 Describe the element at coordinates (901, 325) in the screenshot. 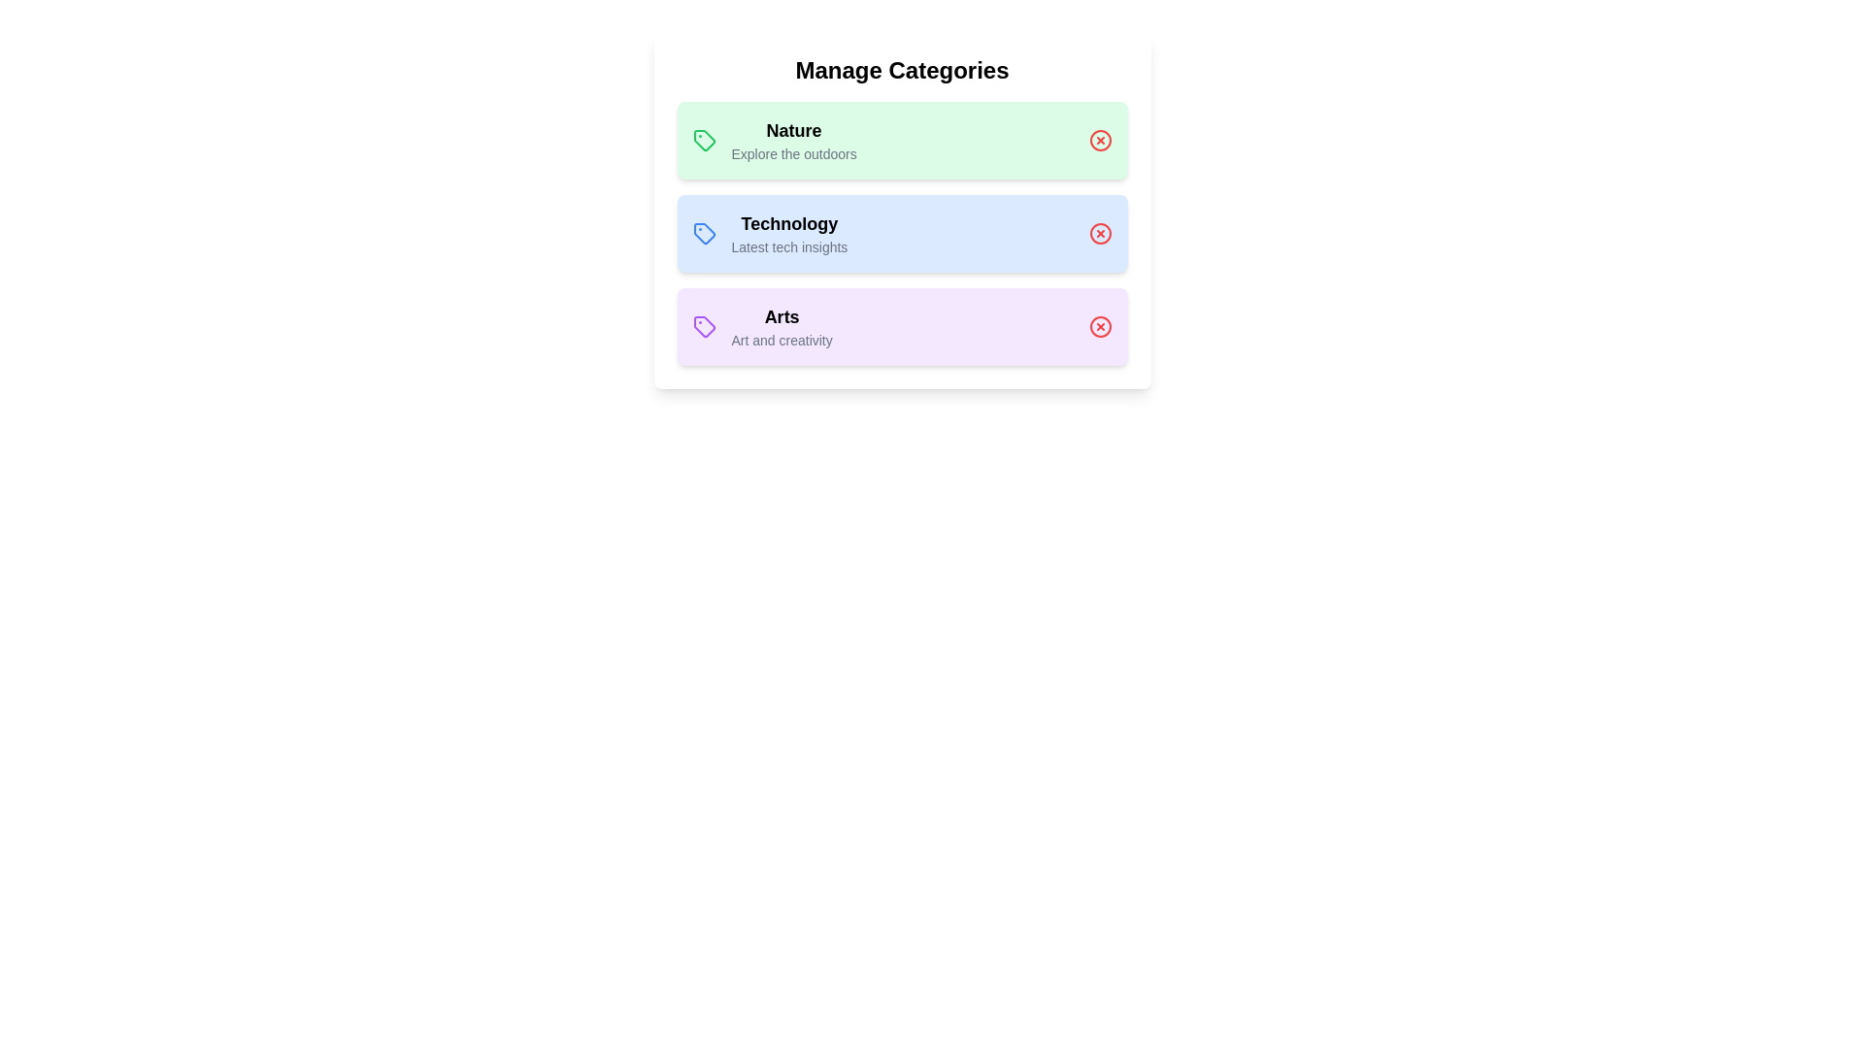

I see `the category Arts to open additional options` at that location.